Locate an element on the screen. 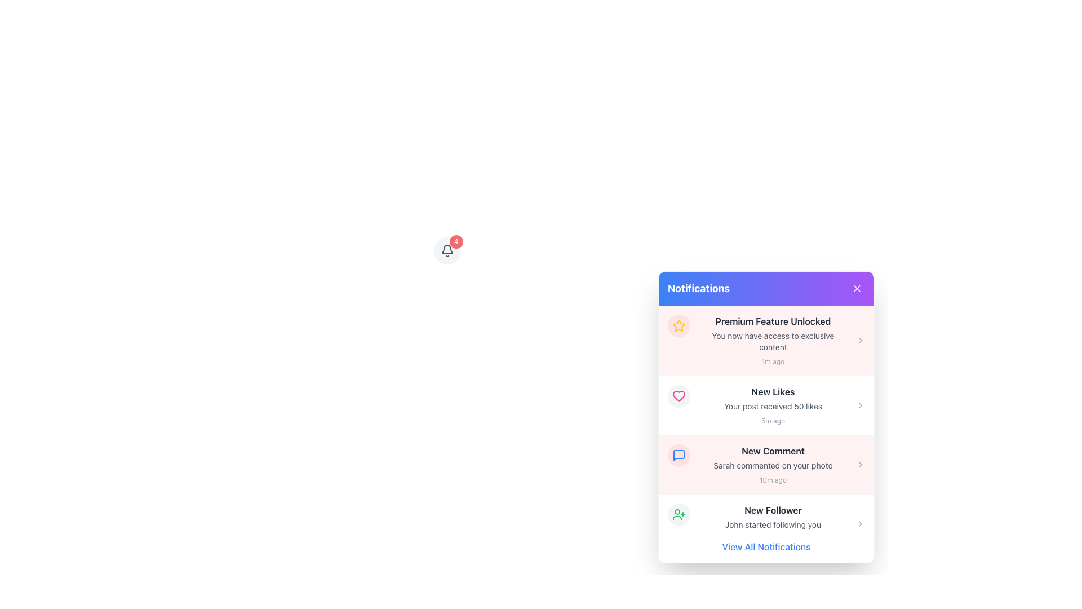 The image size is (1082, 609). the text label displaying '10m ago' located beneath 'Sarah commented on your photo' in the notification panel is located at coordinates (773, 480).